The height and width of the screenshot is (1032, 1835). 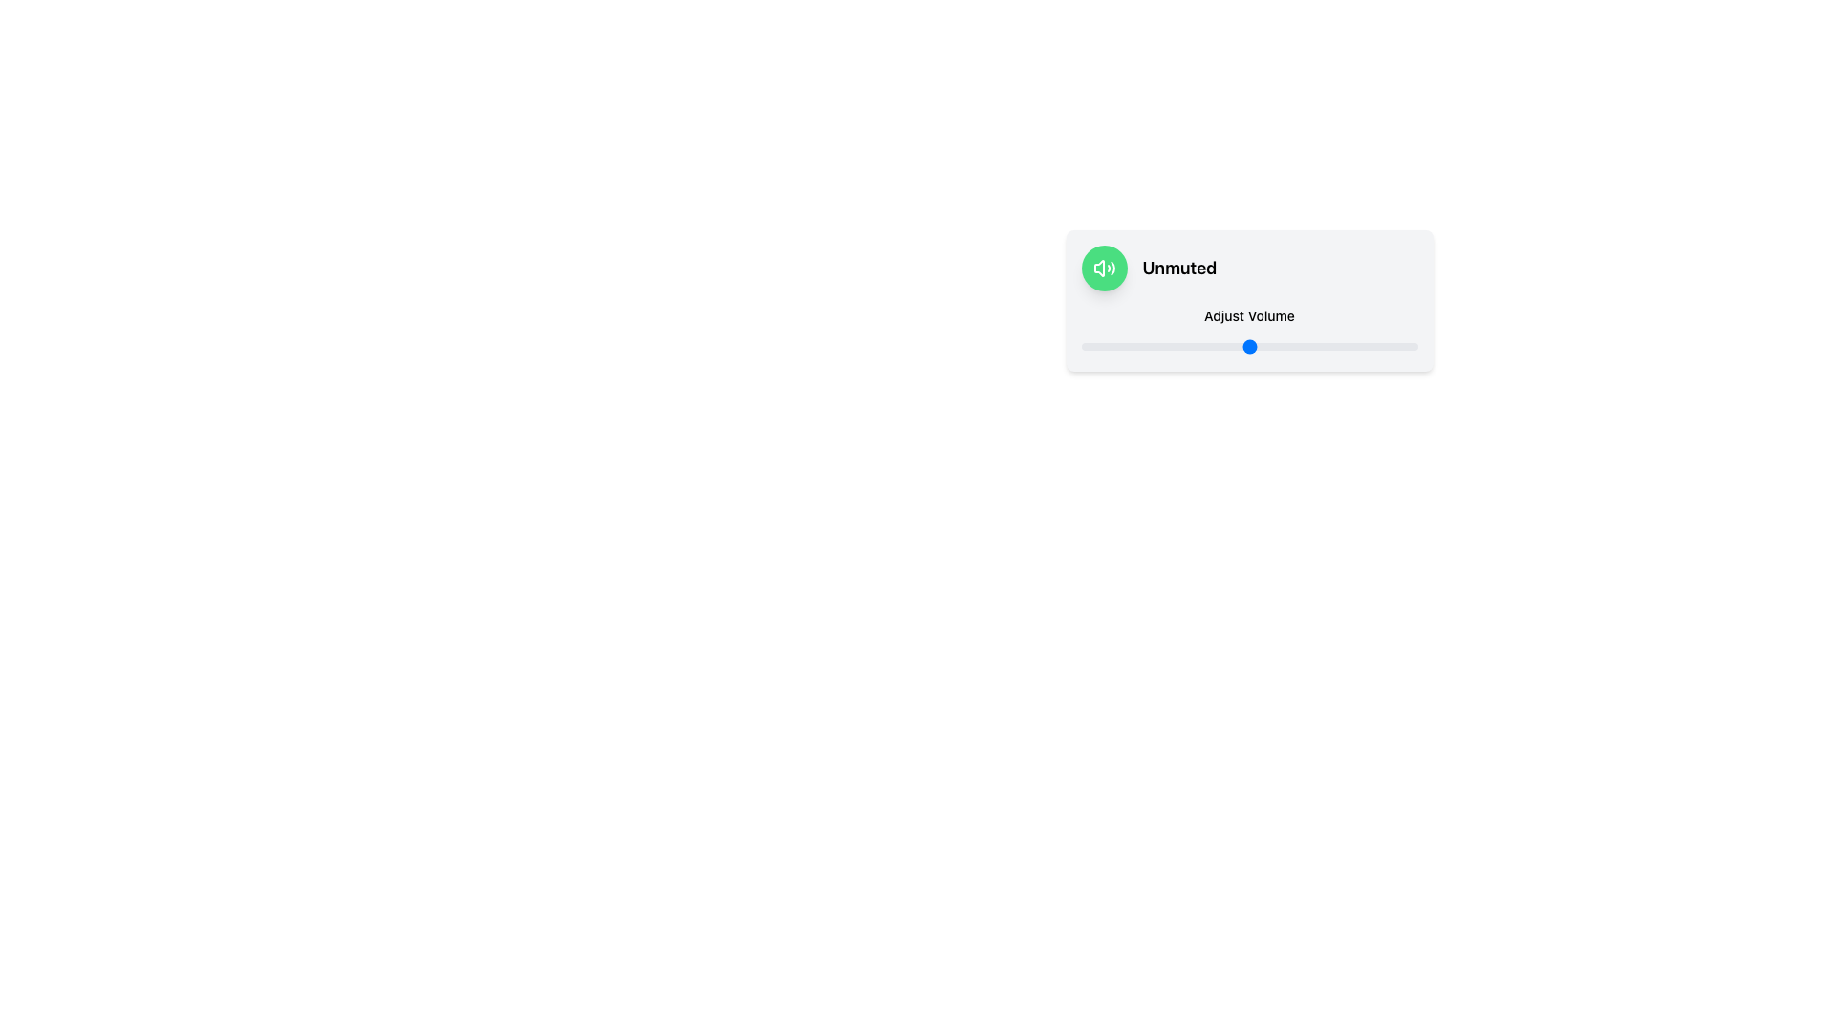 I want to click on the volume, so click(x=1188, y=346).